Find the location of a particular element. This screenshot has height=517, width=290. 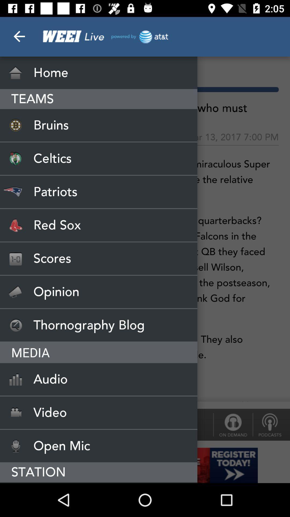

the lock icon is located at coordinates (233, 424).